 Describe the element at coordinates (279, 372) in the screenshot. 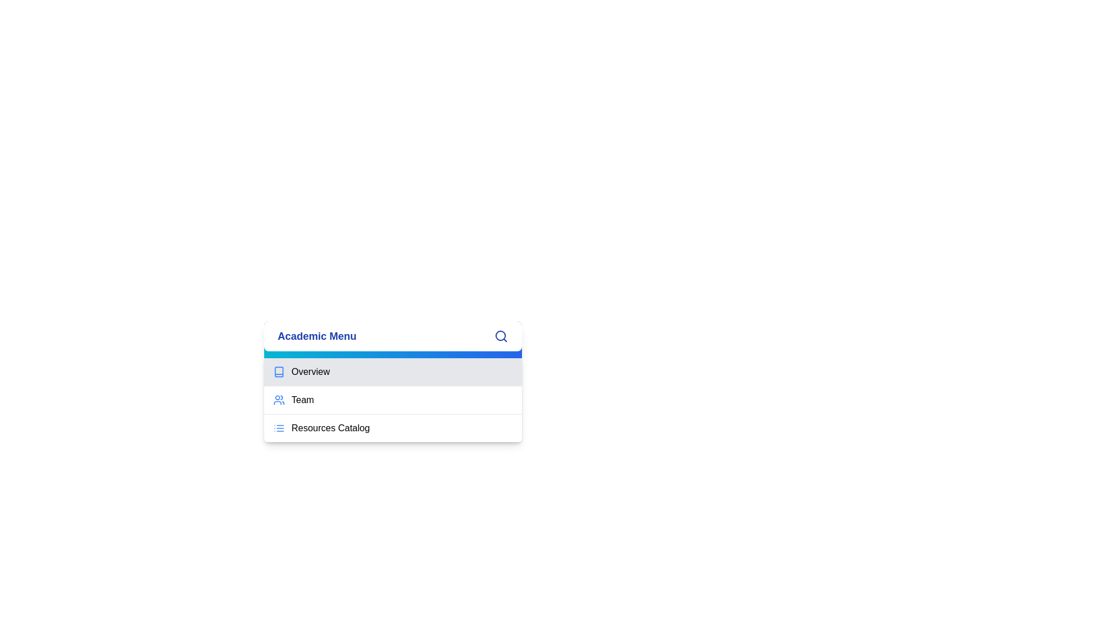

I see `icon resembling a book or document located to the left of the 'Overview' text in the 'Academic Menu'` at that location.